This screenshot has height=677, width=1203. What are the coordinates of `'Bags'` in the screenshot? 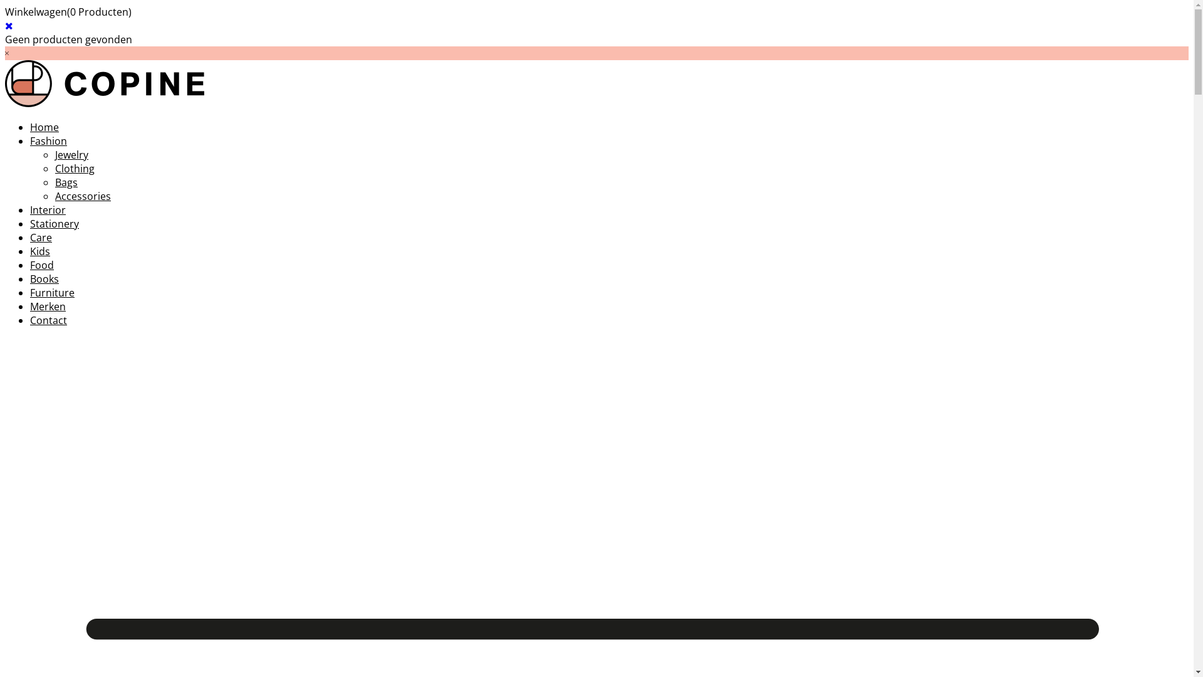 It's located at (54, 182).